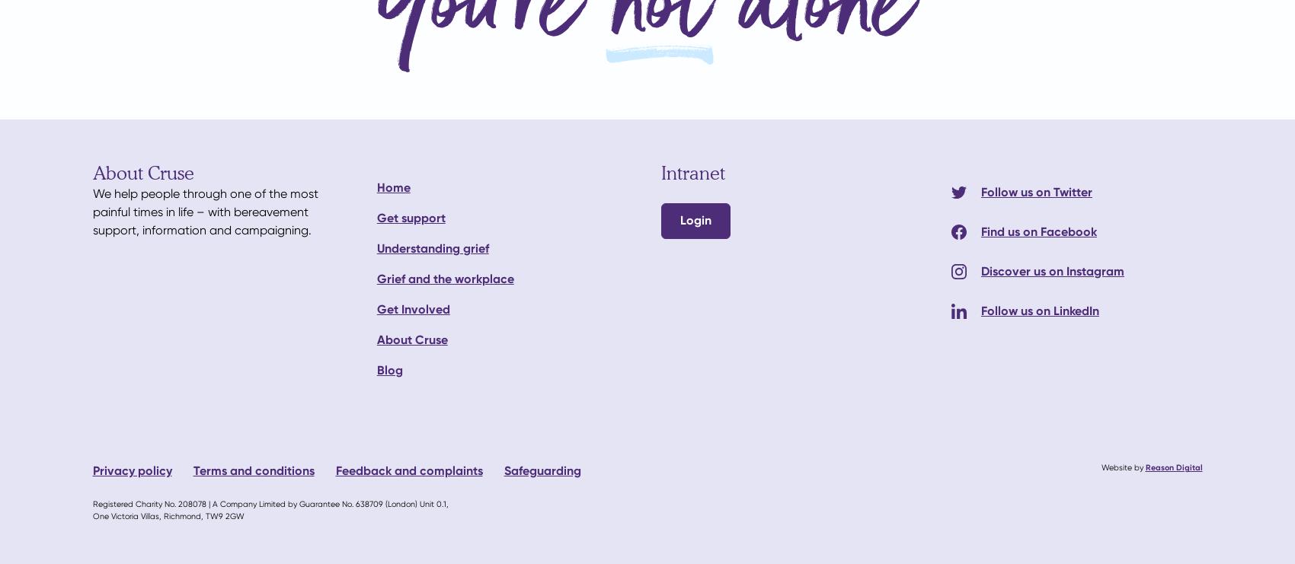  Describe the element at coordinates (1039, 310) in the screenshot. I see `'Follow us on LinkedIn'` at that location.